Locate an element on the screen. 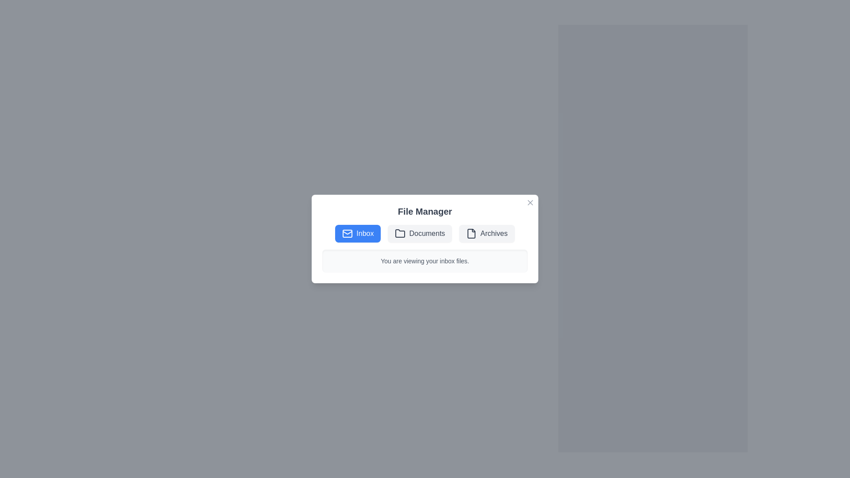  the 'Inbox' envelope icon, which is centrally located in the 'Inbox' section of the control panel and includes a graphical detail representing a mail line is located at coordinates (347, 233).